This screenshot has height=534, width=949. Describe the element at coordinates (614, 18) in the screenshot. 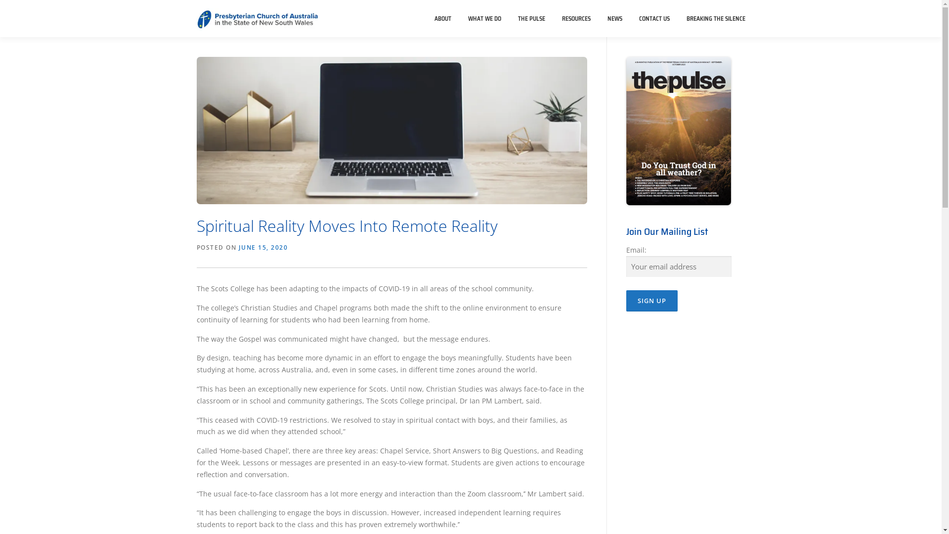

I see `'NEWS'` at that location.